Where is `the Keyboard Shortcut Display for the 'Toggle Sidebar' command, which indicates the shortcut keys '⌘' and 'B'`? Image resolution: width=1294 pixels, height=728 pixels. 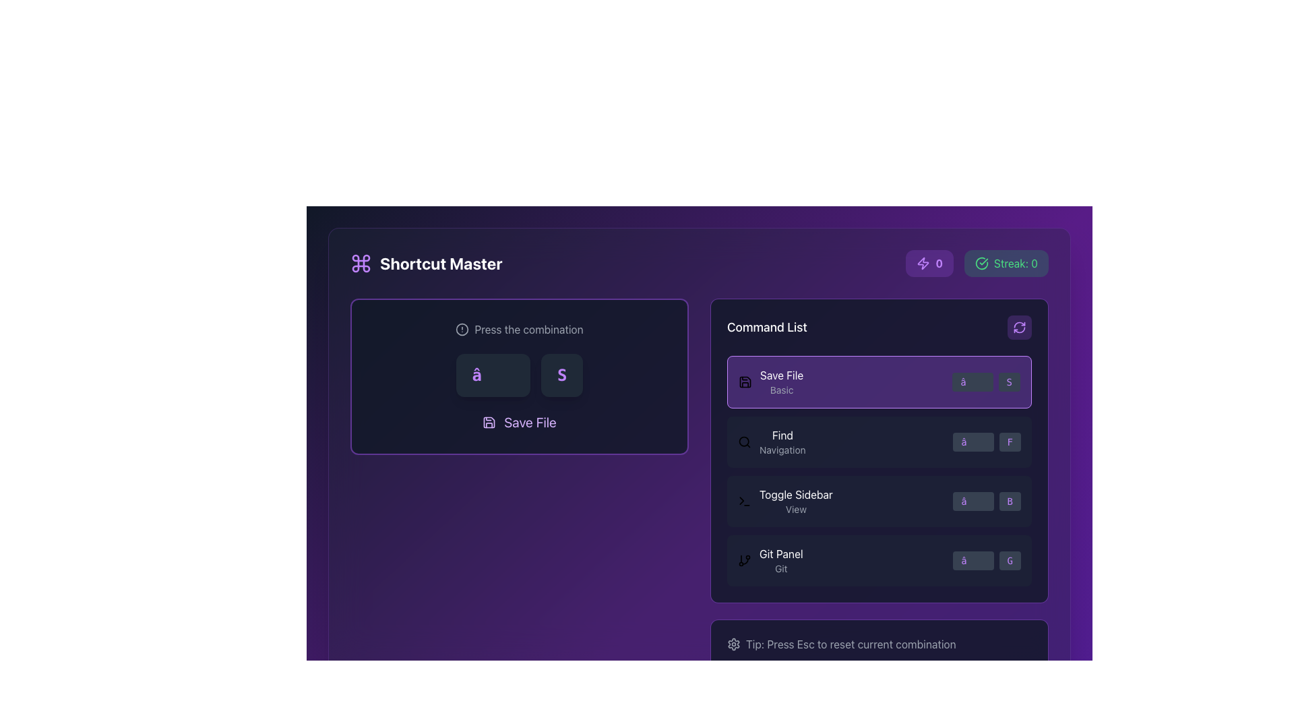 the Keyboard Shortcut Display for the 'Toggle Sidebar' command, which indicates the shortcut keys '⌘' and 'B' is located at coordinates (987, 502).